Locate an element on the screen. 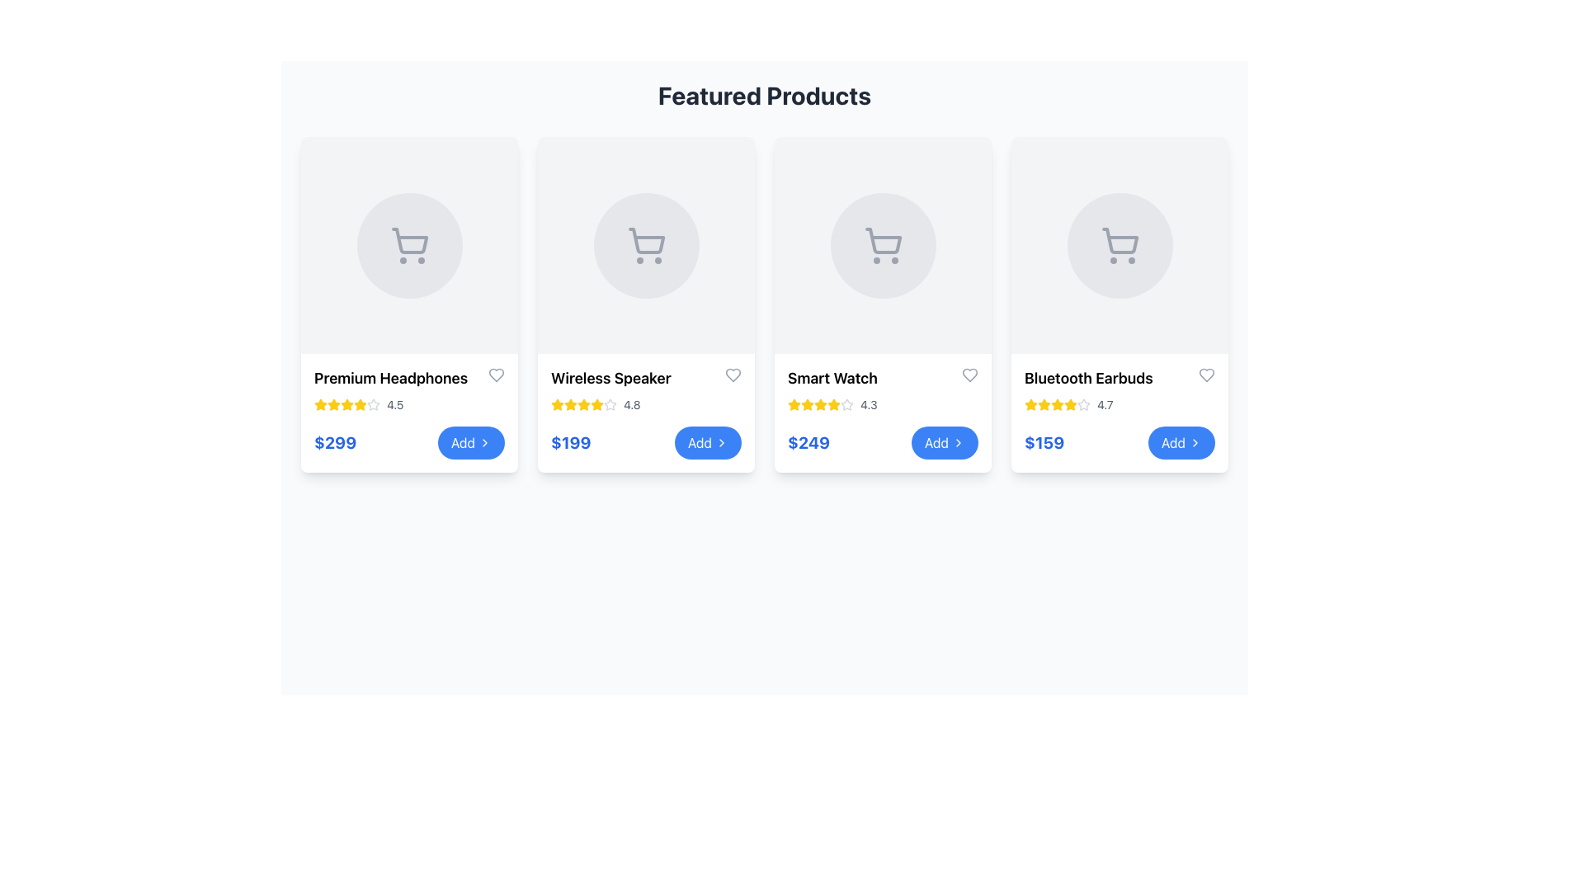 The width and height of the screenshot is (1584, 891). the first yellow star rating icon under the product title 'Premium Headphones' in the first product card is located at coordinates (332, 404).